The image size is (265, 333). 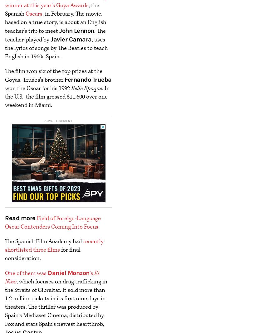 What do you see at coordinates (92, 79) in the screenshot?
I see `'Trueba'` at bounding box center [92, 79].